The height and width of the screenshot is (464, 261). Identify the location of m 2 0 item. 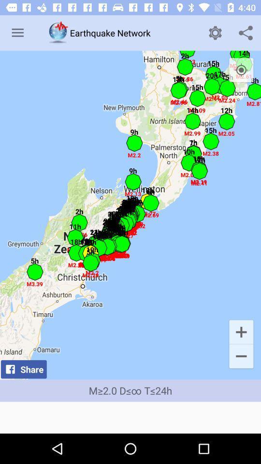
(130, 391).